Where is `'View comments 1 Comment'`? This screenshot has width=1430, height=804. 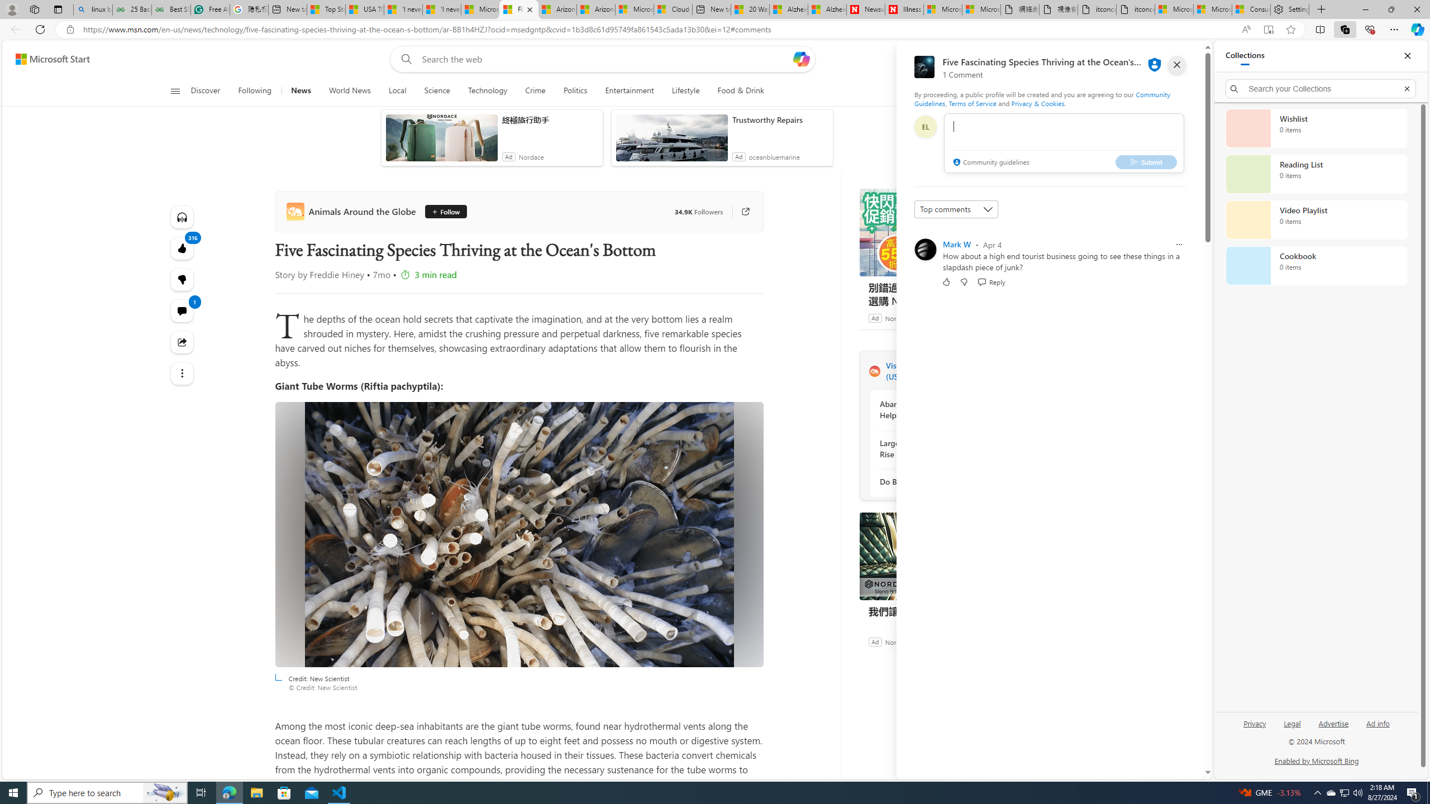
'View comments 1 Comment' is located at coordinates (182, 310).